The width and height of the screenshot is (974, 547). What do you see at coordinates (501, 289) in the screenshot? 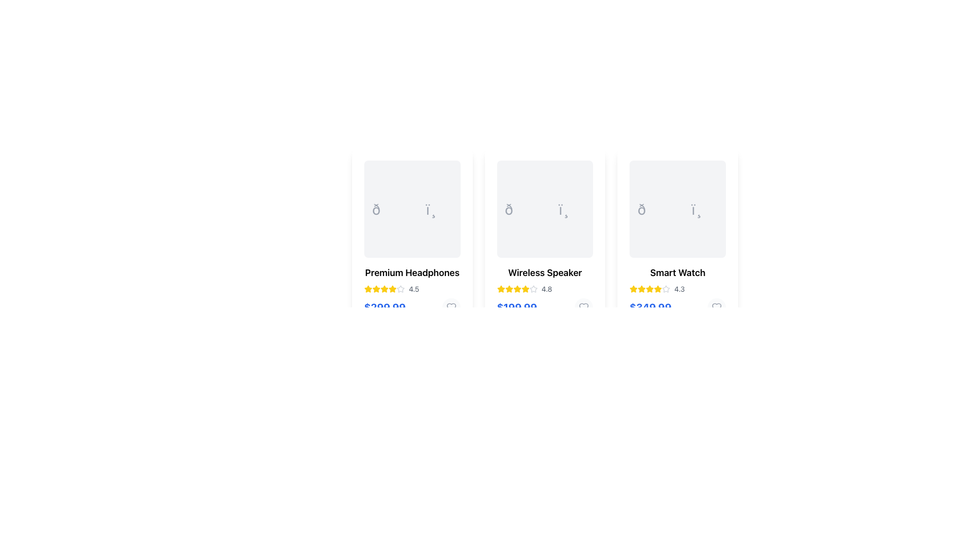
I see `the first star icon in the rating section of the product card for 'Wireless Speaker' to visually represent part of the rating value` at bounding box center [501, 289].